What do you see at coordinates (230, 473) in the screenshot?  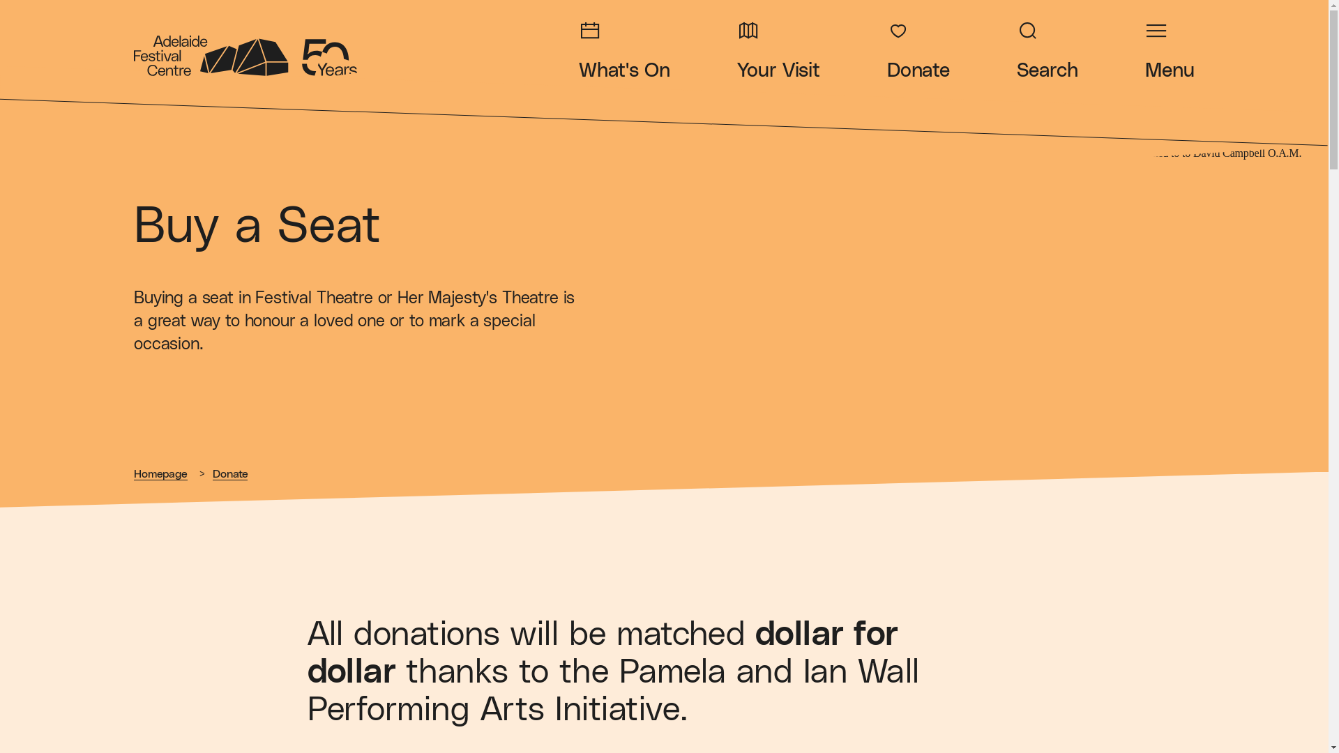 I see `'Donate'` at bounding box center [230, 473].